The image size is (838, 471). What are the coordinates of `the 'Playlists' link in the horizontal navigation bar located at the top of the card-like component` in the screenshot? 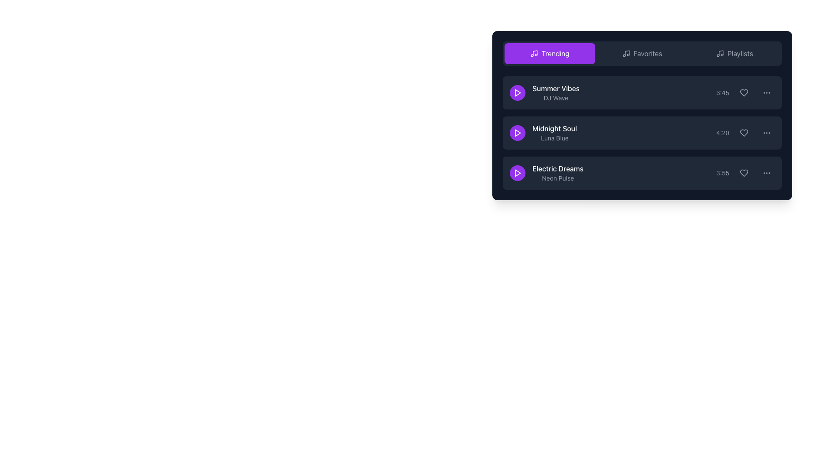 It's located at (740, 54).